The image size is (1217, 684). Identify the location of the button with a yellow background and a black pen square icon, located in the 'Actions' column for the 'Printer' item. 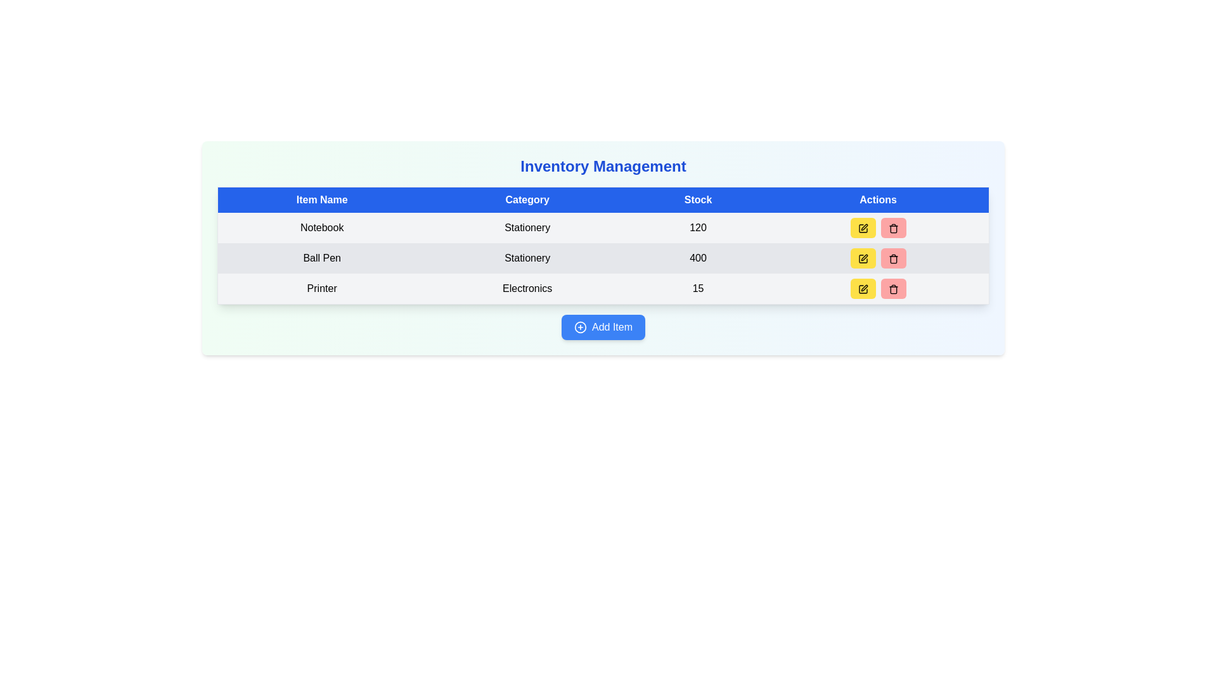
(862, 288).